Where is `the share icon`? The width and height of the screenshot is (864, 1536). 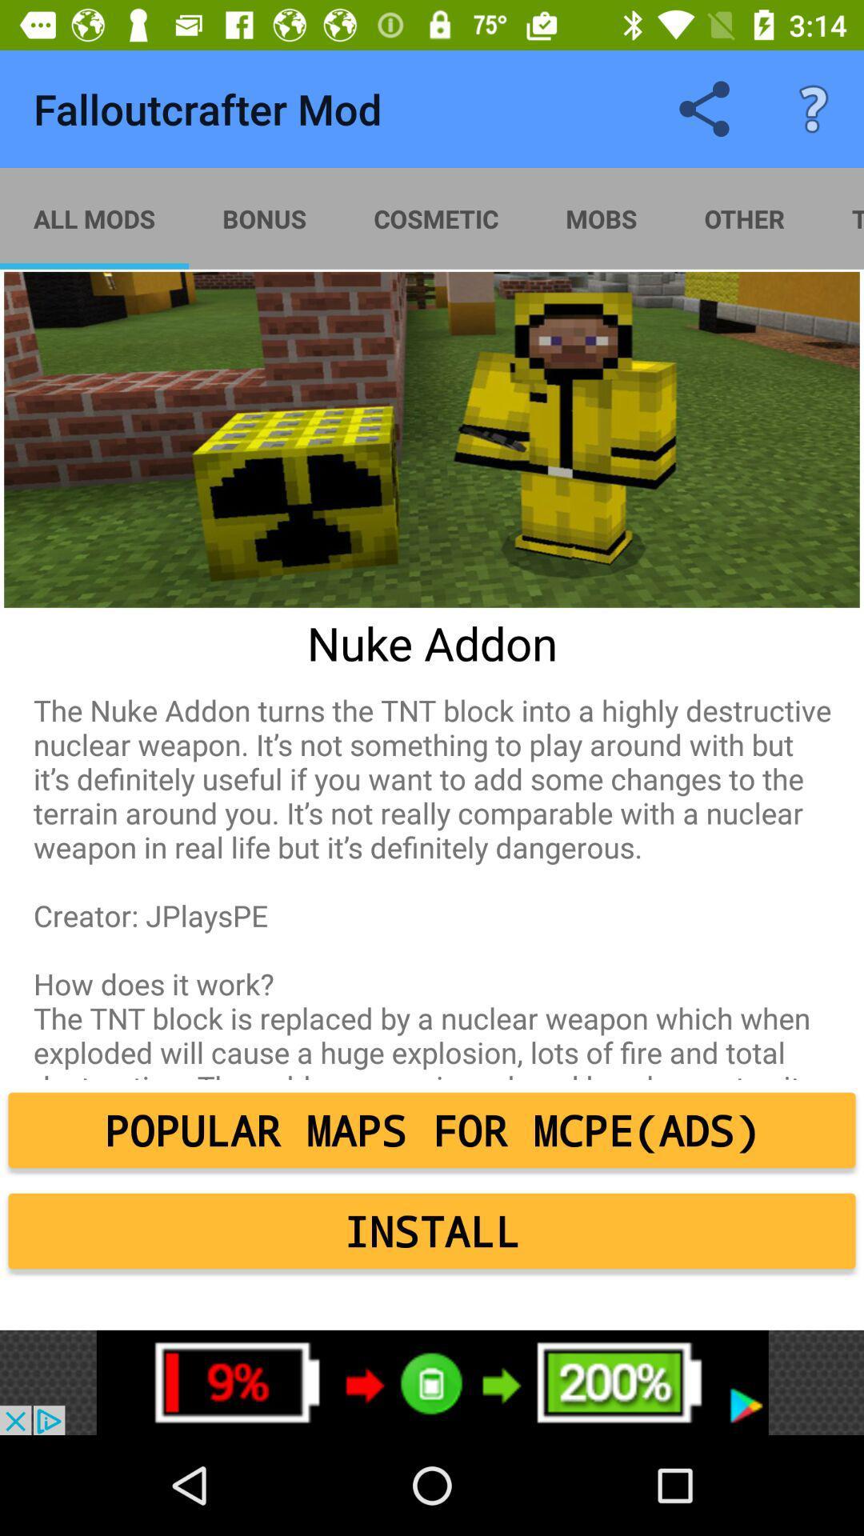
the share icon is located at coordinates (703, 109).